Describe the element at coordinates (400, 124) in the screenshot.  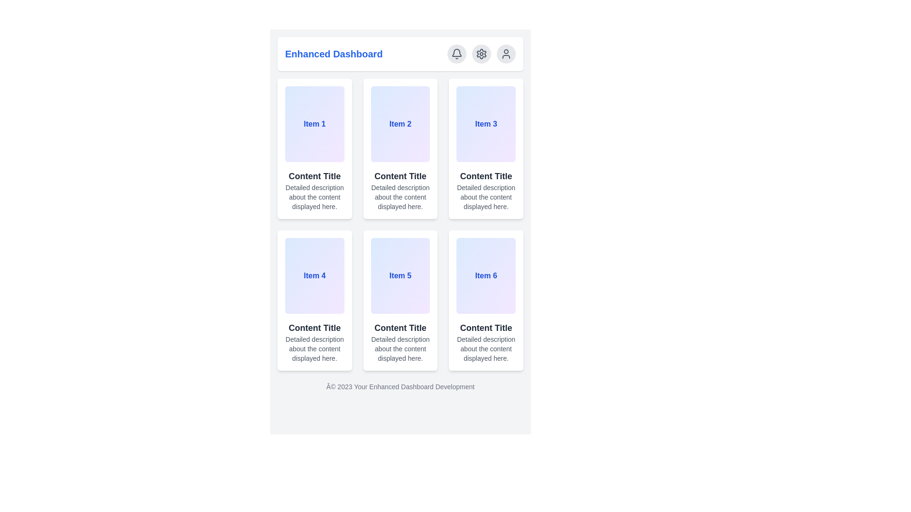
I see `the Text label located in the second card of the grid layout` at that location.